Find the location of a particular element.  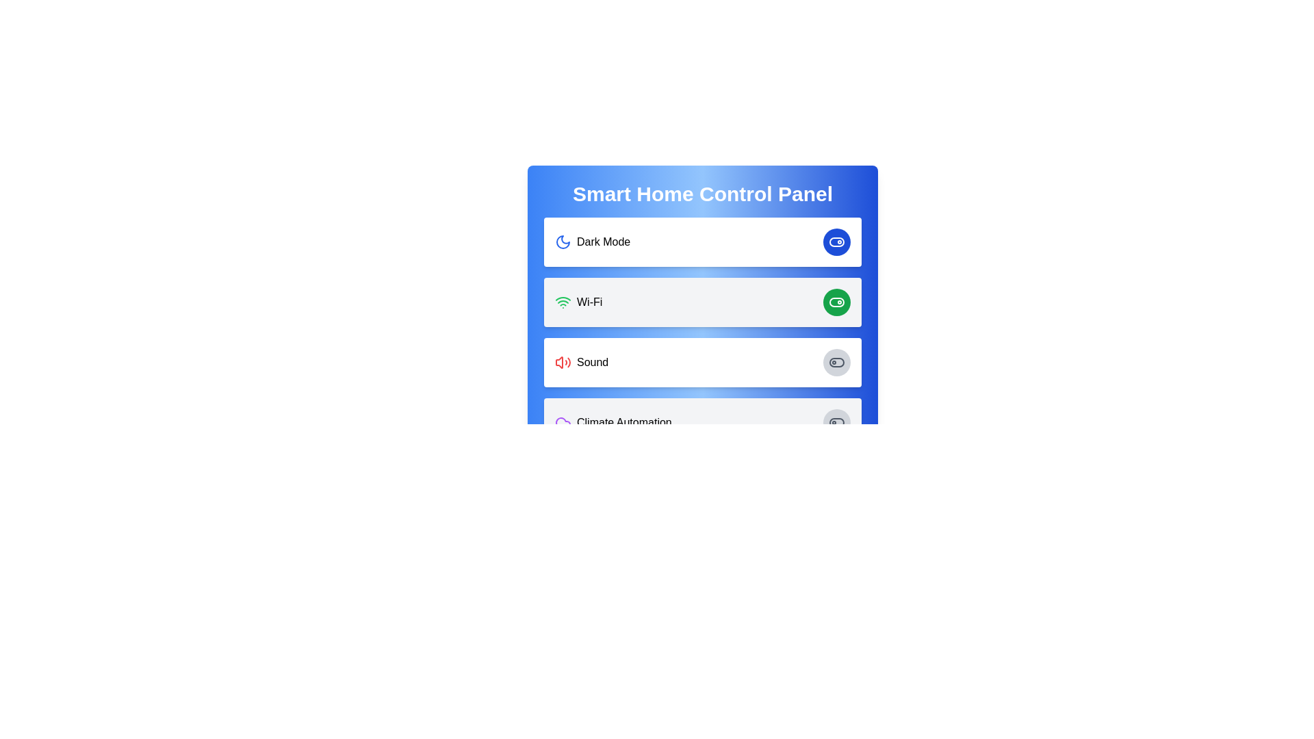

red speaker icon with sound waves, located in the 'Sound' section, by clicking on it is located at coordinates (563, 361).